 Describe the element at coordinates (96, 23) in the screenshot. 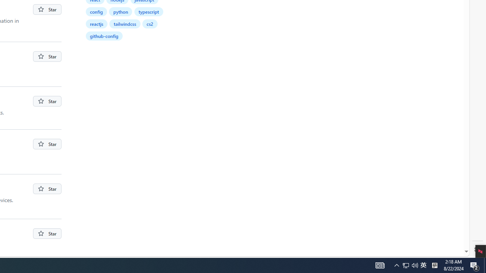

I see `'reactjs'` at that location.